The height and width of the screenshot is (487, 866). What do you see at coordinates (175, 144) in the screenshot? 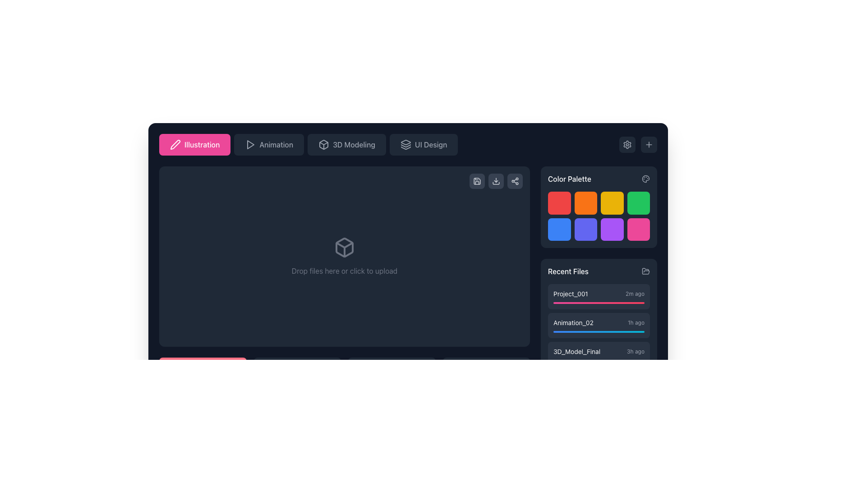
I see `the pen or pencil icon embedded in the 'Illustration' button located in the top left portion of the interface, which precedes the text label 'Illustration'` at bounding box center [175, 144].